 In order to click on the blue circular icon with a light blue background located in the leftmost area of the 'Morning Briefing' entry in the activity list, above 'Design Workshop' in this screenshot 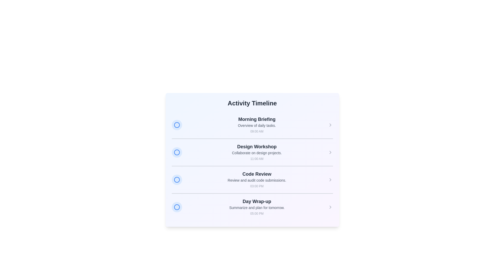, I will do `click(177, 125)`.